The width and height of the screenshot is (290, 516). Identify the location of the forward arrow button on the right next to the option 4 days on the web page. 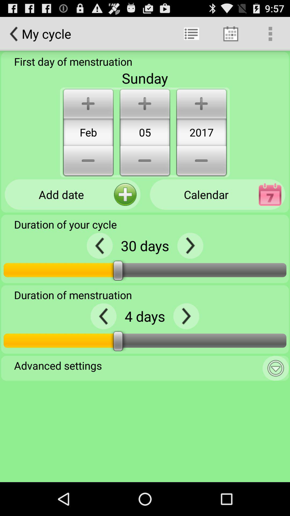
(186, 316).